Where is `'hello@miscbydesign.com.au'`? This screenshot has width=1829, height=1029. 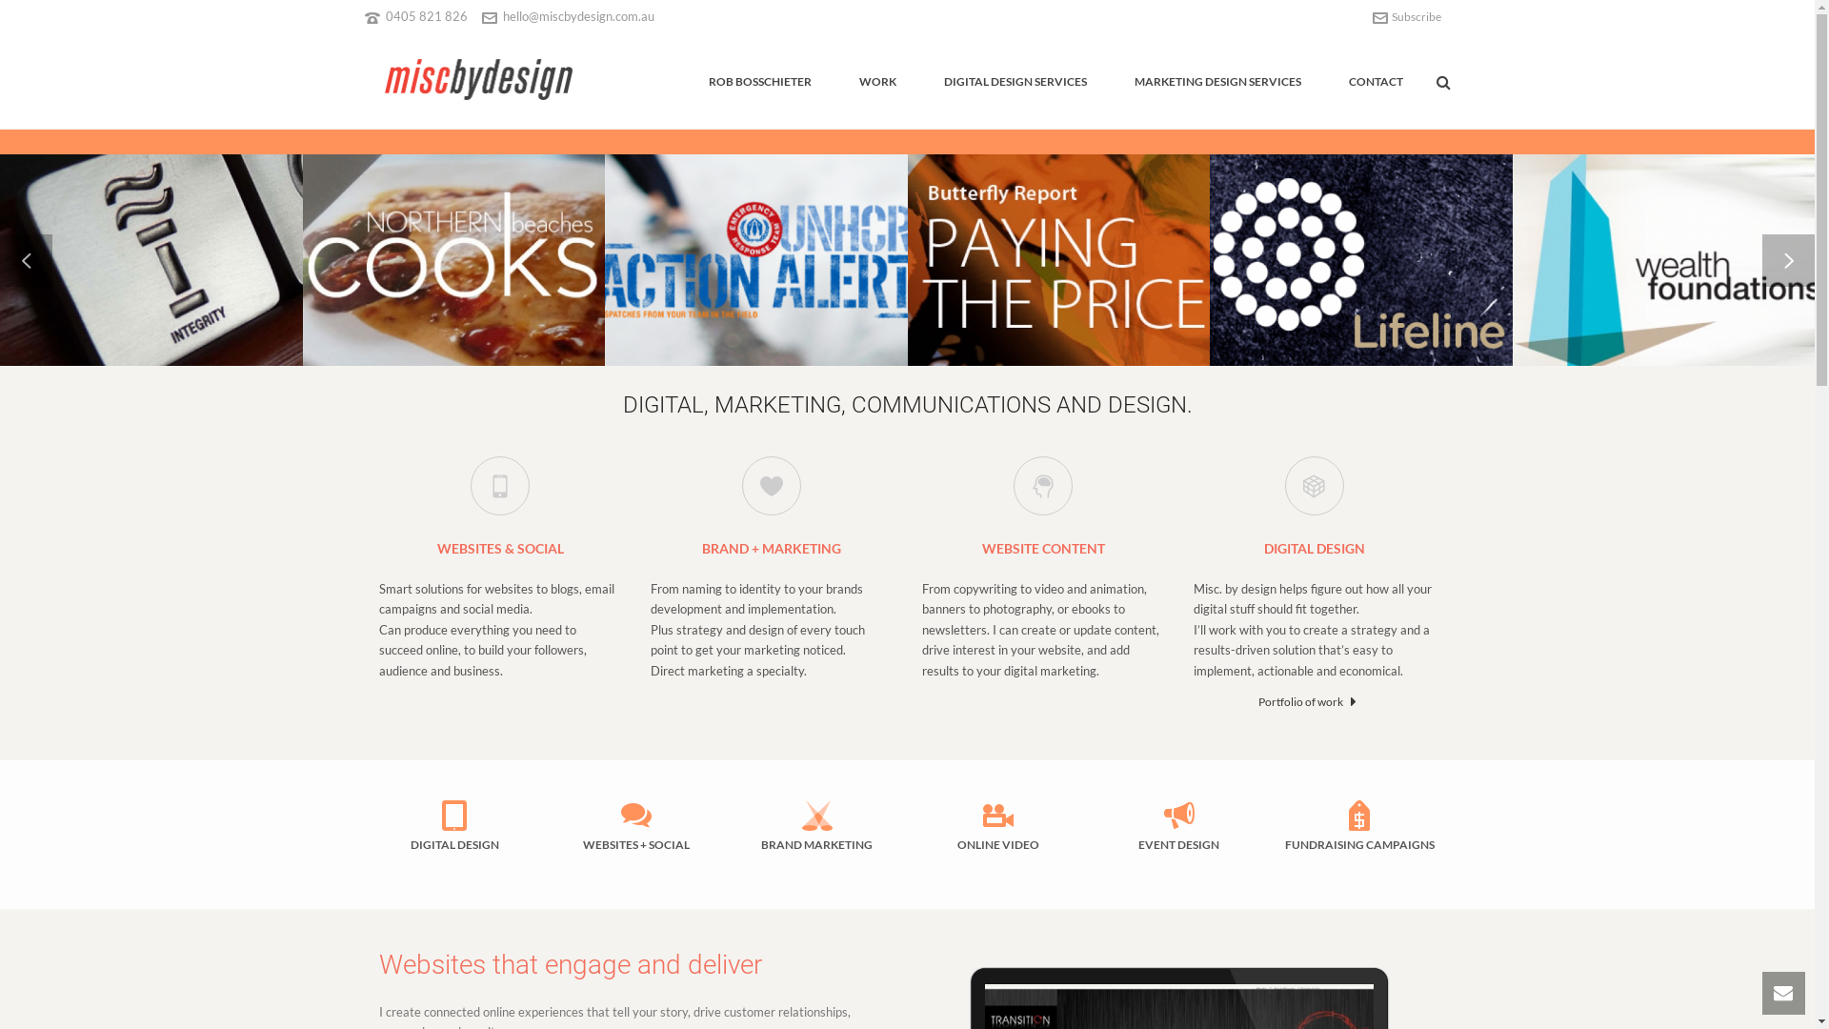 'hello@miscbydesign.com.au' is located at coordinates (503, 15).